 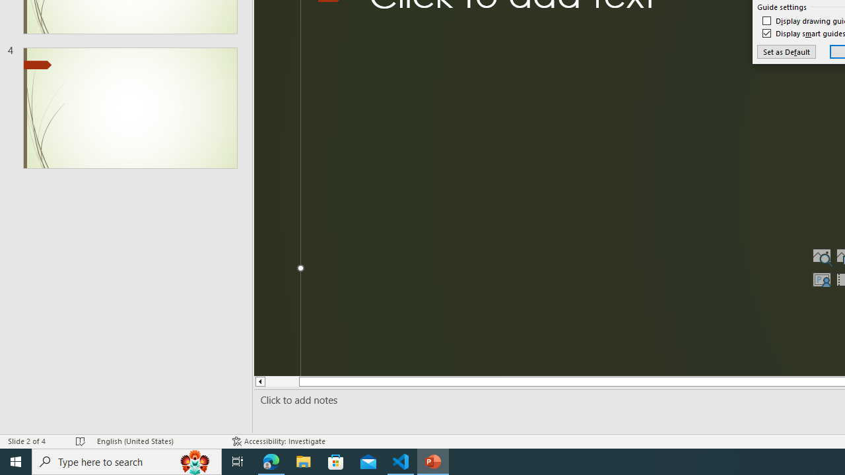 What do you see at coordinates (786, 51) in the screenshot?
I see `'Set as Default'` at bounding box center [786, 51].